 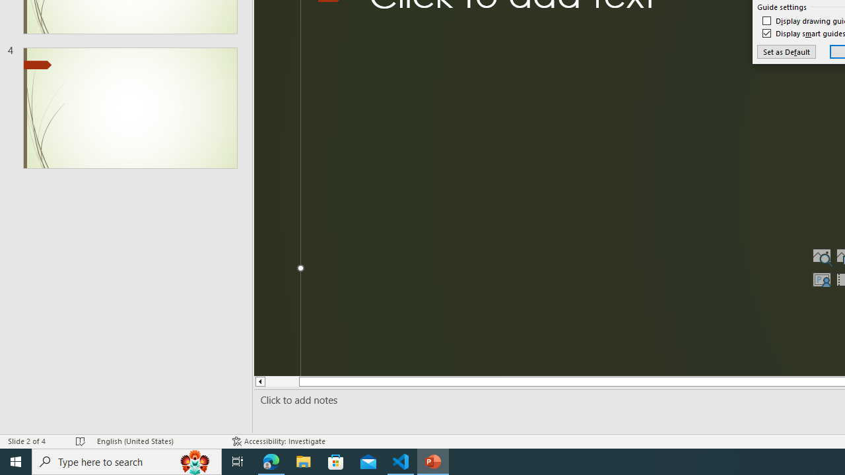 What do you see at coordinates (786, 51) in the screenshot?
I see `'Set as Default'` at bounding box center [786, 51].